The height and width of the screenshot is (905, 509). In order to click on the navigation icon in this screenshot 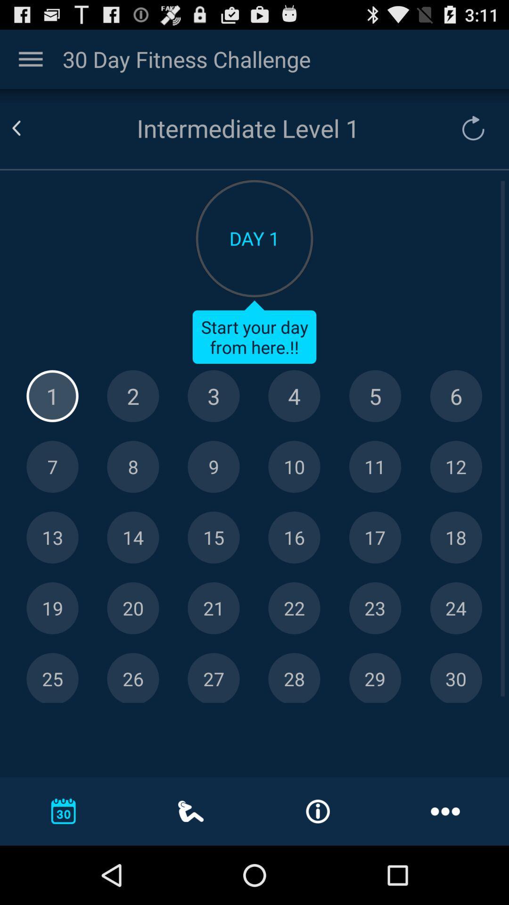, I will do `click(375, 575)`.